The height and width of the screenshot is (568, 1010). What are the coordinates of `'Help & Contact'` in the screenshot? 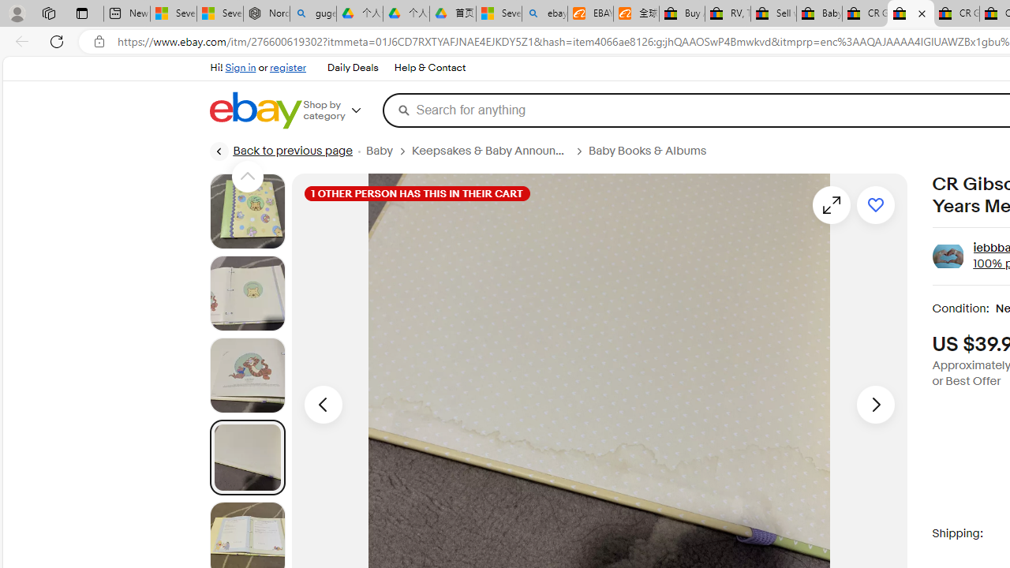 It's located at (429, 67).